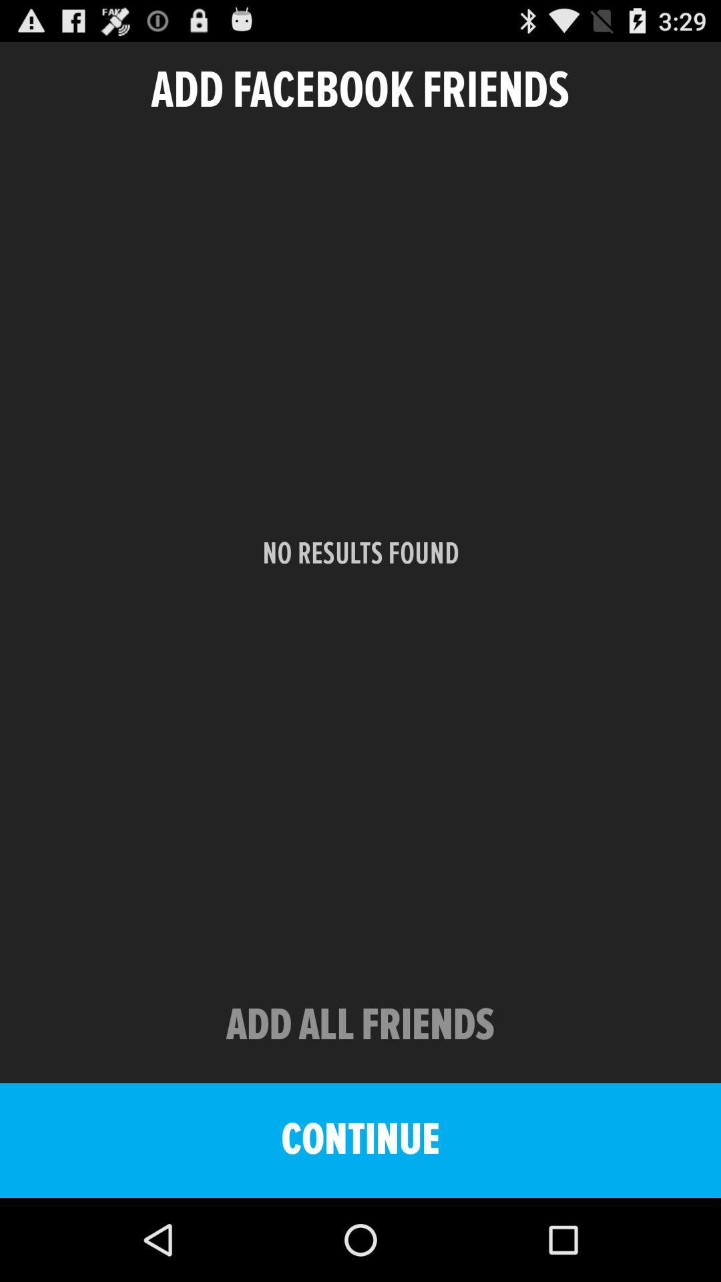 This screenshot has height=1282, width=721. What do you see at coordinates (360, 1140) in the screenshot?
I see `the continue icon` at bounding box center [360, 1140].